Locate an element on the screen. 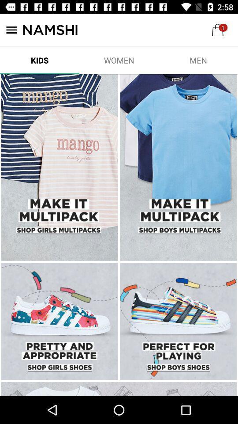 Image resolution: width=238 pixels, height=424 pixels. the icon next to the women is located at coordinates (198, 60).